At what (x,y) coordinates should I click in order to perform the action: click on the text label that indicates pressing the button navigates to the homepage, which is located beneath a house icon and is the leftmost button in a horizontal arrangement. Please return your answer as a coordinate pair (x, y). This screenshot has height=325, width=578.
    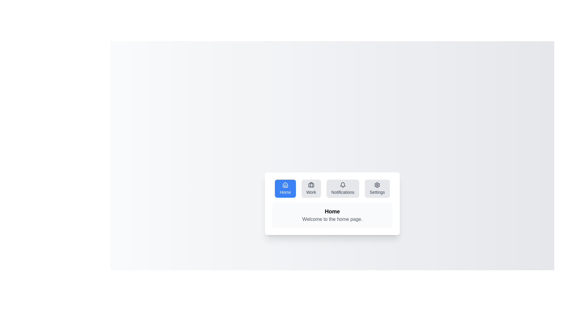
    Looking at the image, I should click on (285, 192).